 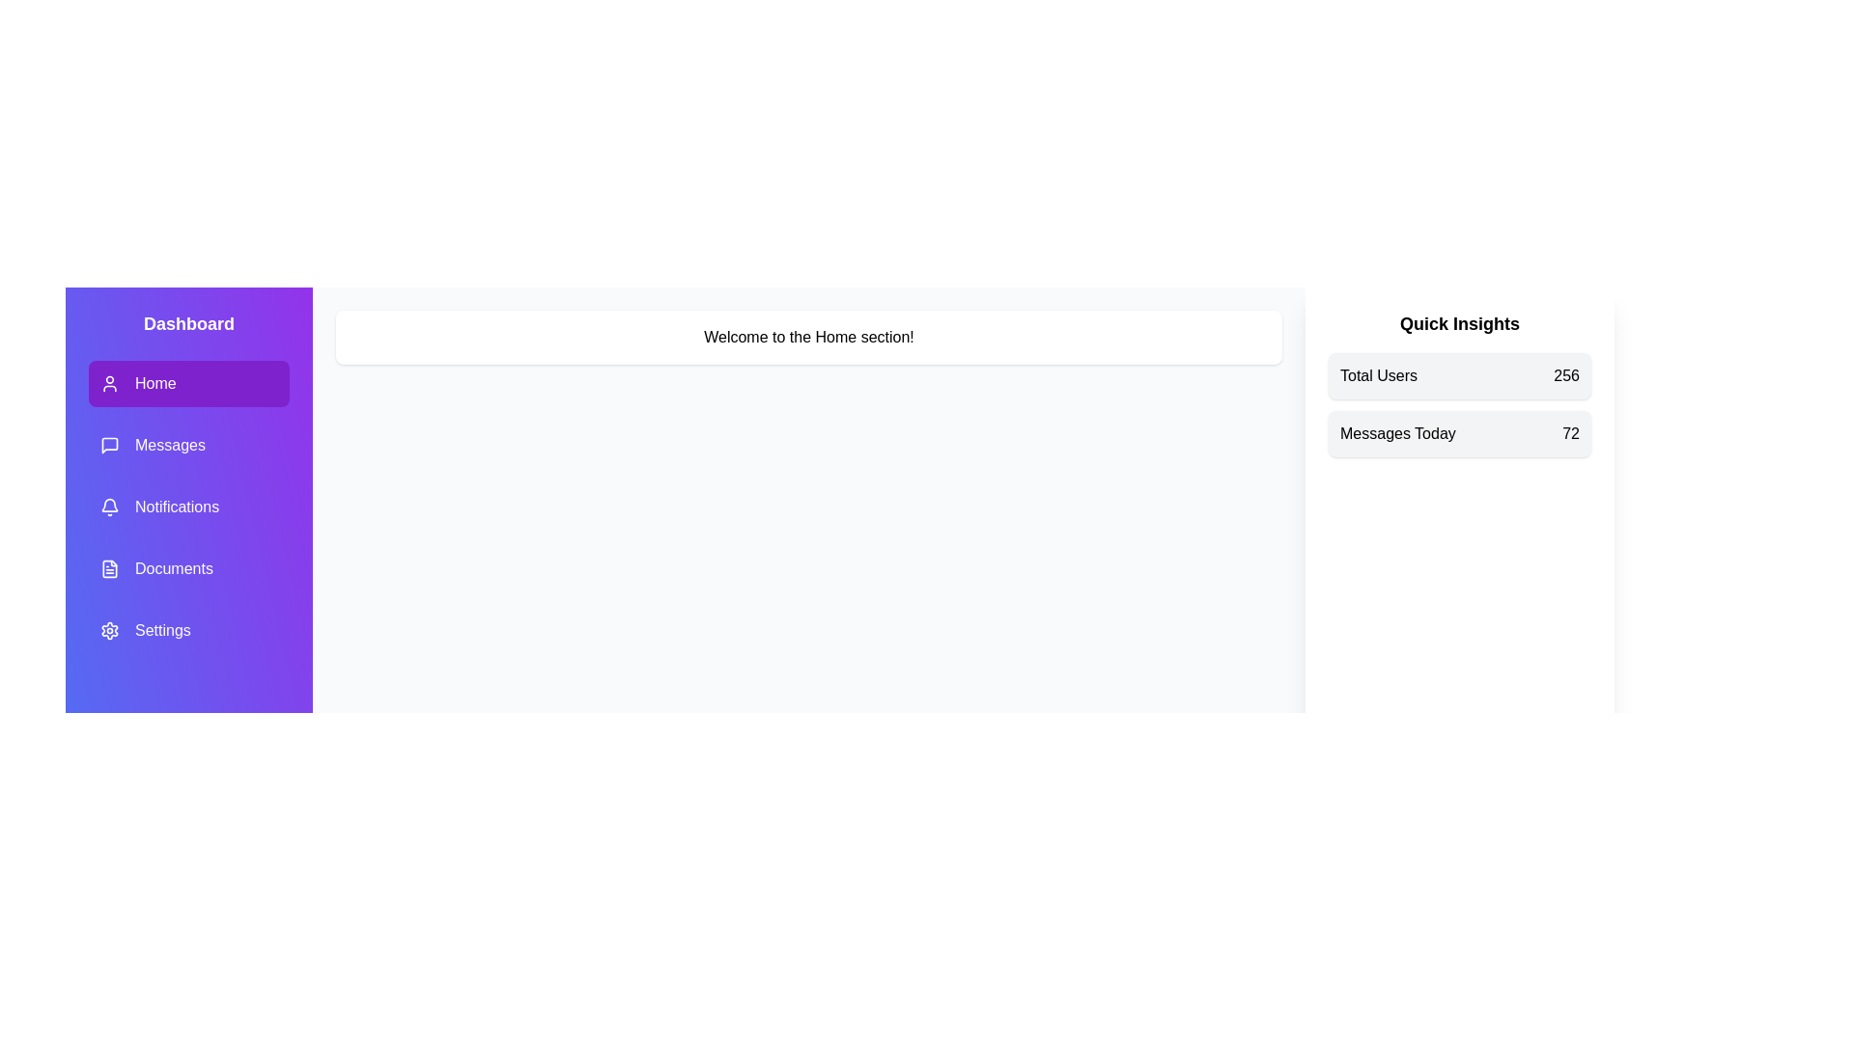 What do you see at coordinates (189, 568) in the screenshot?
I see `the 'Documents' navigation button located in the left pane, which is the fourth item in the menu` at bounding box center [189, 568].